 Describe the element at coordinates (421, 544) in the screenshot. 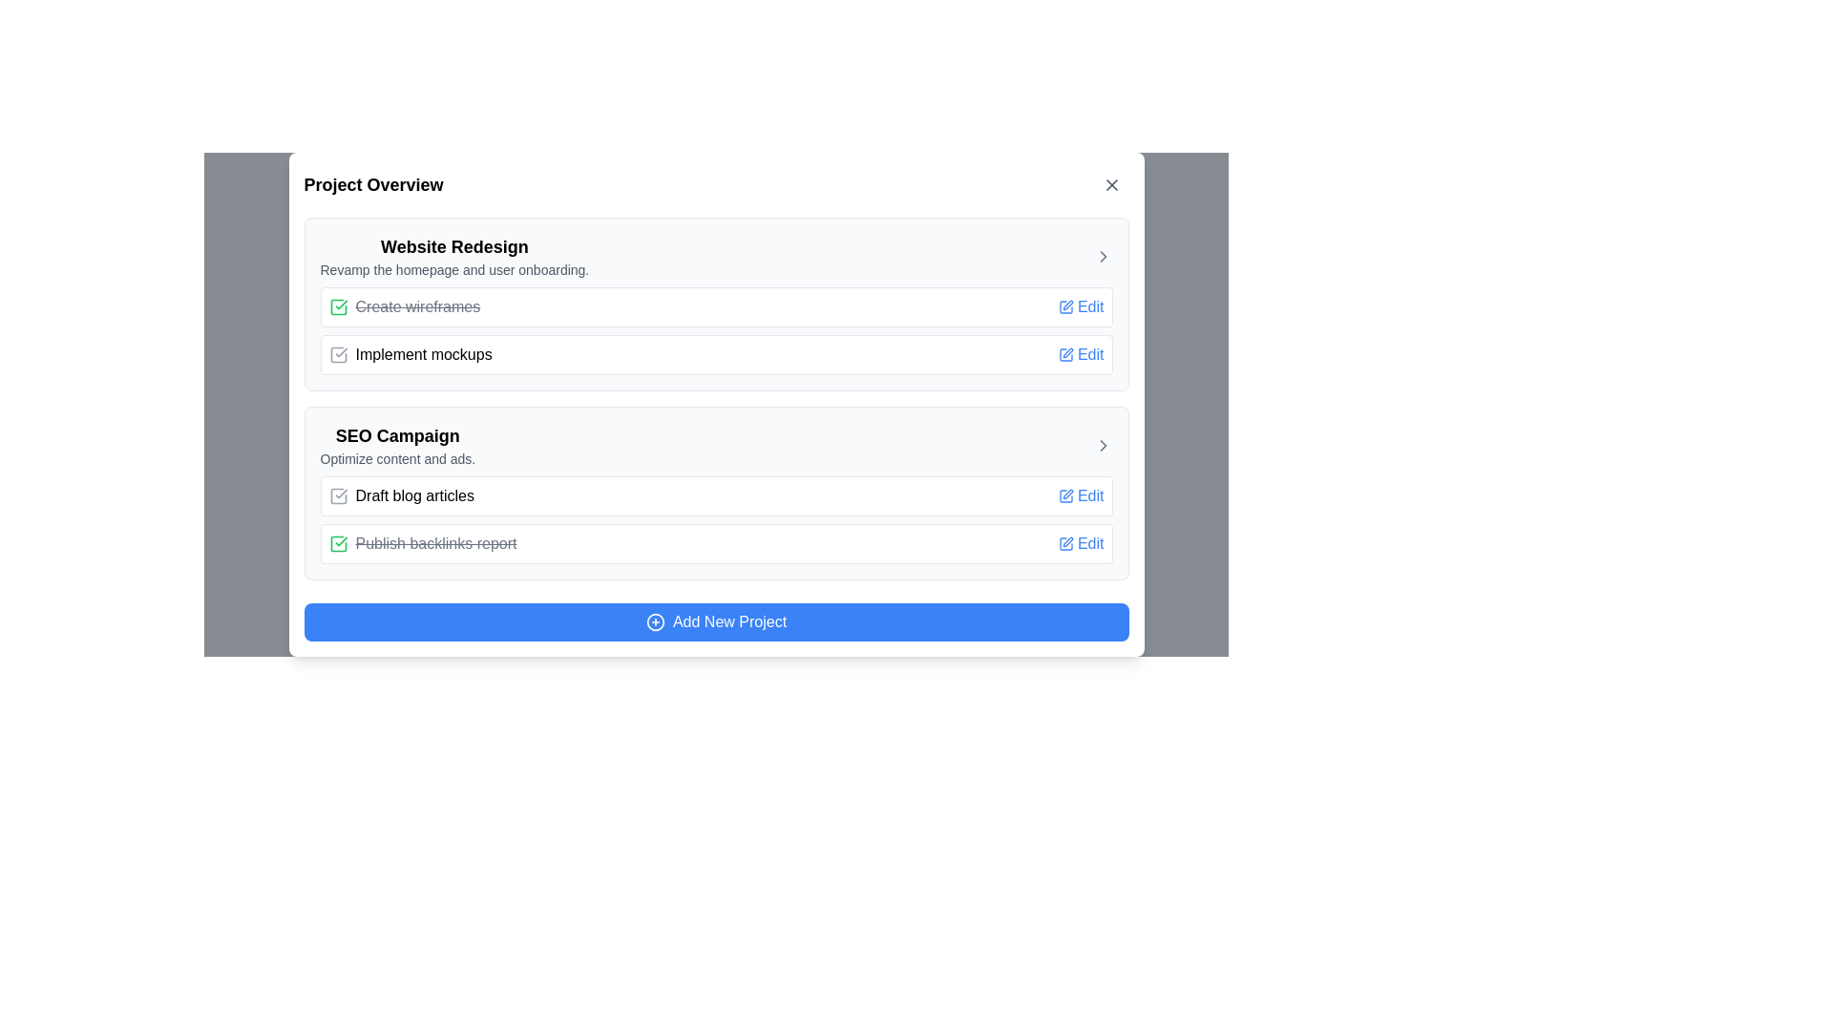

I see `the Completed Task Label which contains a green checkmark icon and the strikethrough text 'Publish backlinks report' indicating a completed task` at that location.